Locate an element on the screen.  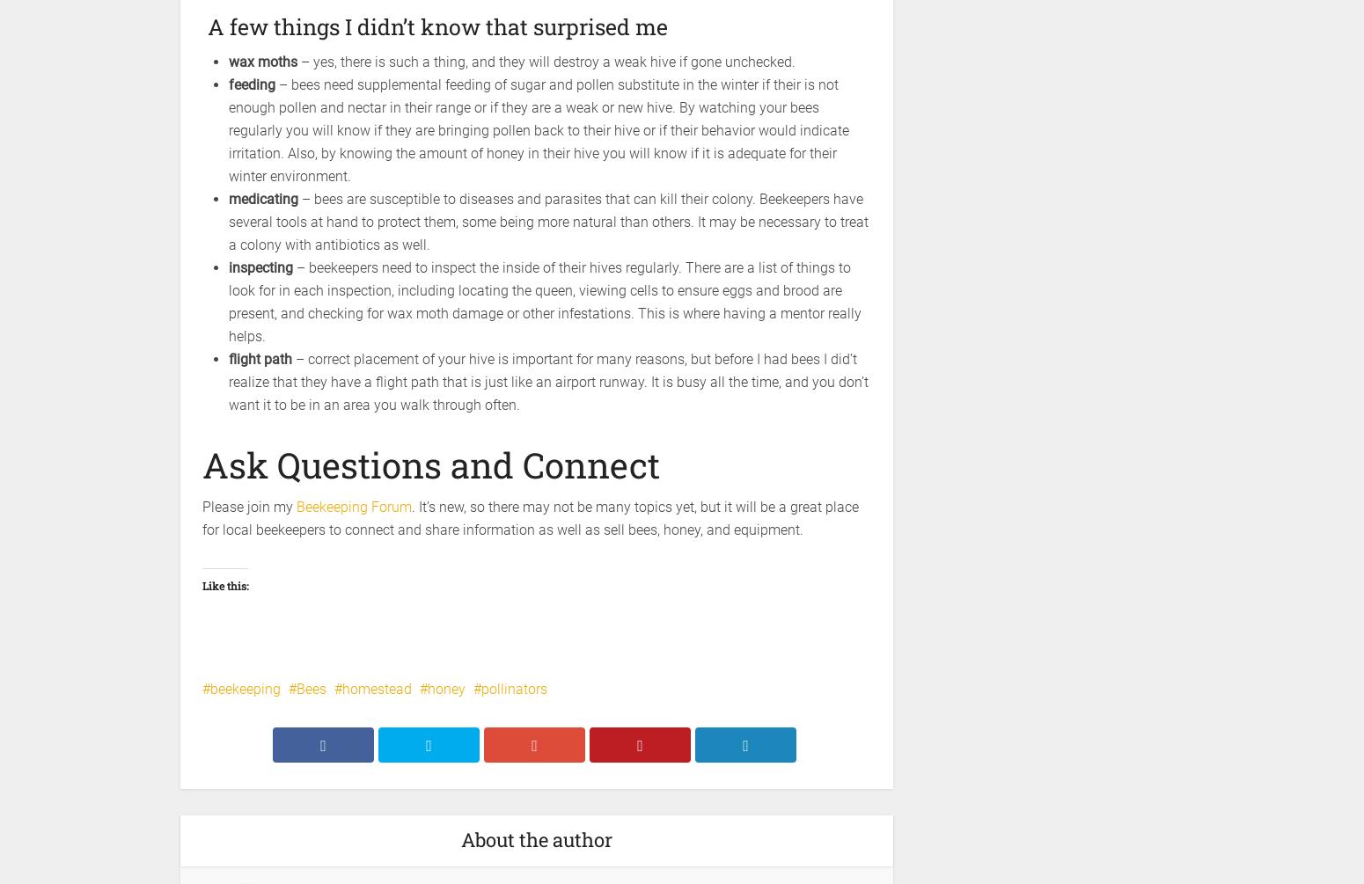
'Like this:' is located at coordinates (225, 585).